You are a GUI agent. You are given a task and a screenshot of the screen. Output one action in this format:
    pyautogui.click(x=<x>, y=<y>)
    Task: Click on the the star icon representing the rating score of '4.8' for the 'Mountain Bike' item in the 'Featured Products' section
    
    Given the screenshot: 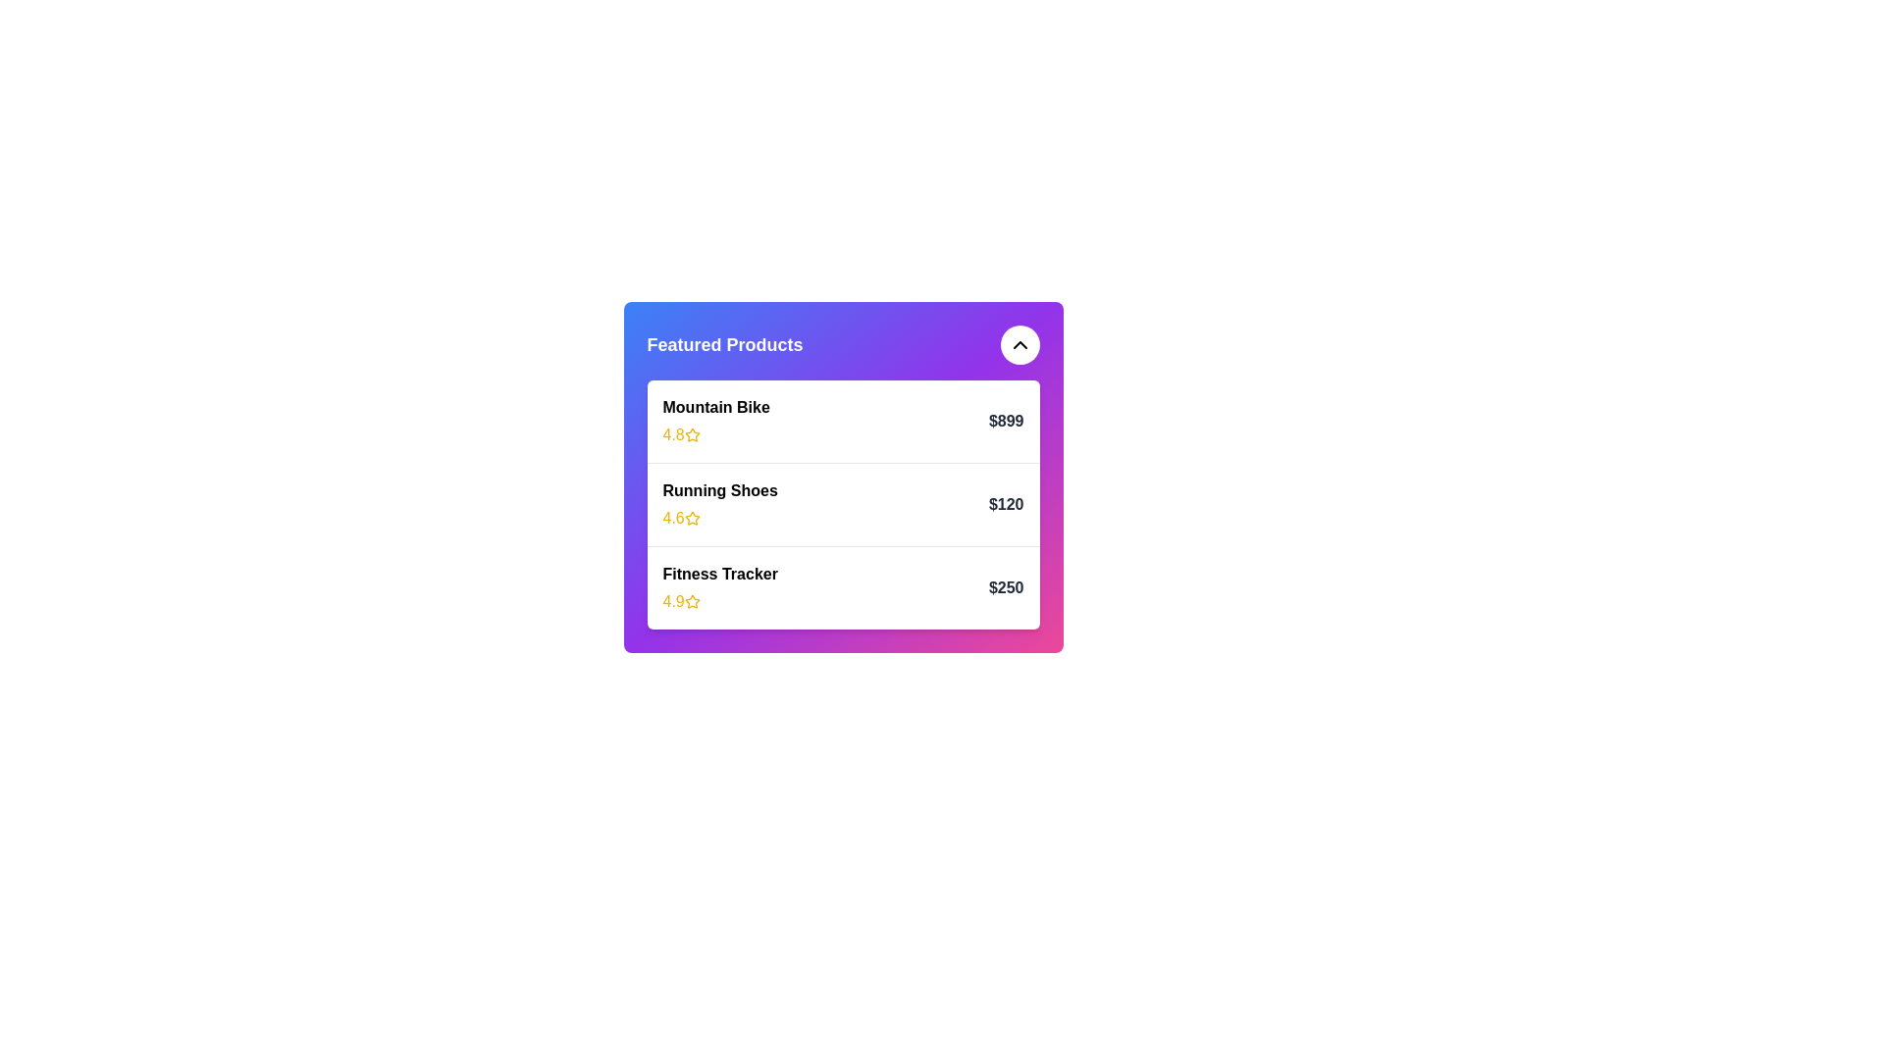 What is the action you would take?
    pyautogui.click(x=692, y=433)
    